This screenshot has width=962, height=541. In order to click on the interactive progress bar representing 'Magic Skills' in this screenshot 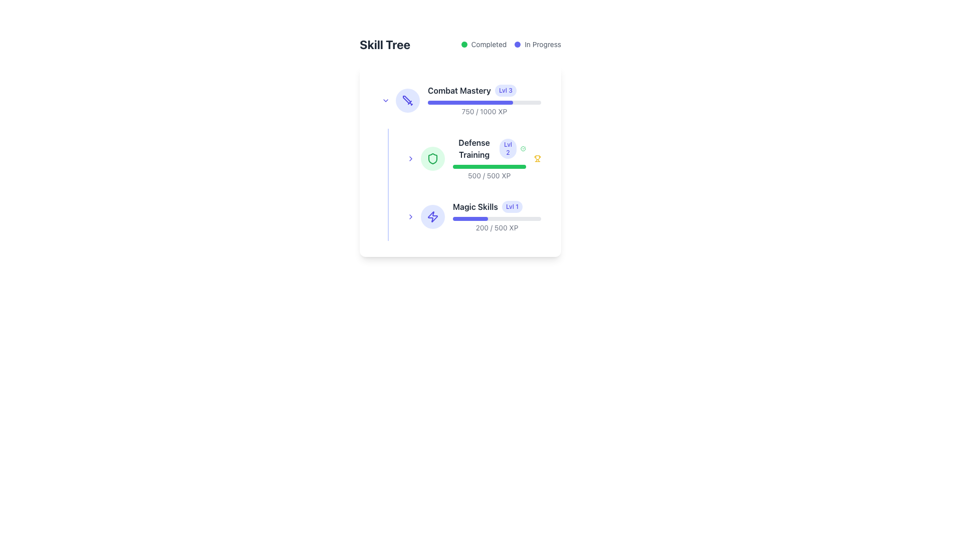, I will do `click(497, 216)`.